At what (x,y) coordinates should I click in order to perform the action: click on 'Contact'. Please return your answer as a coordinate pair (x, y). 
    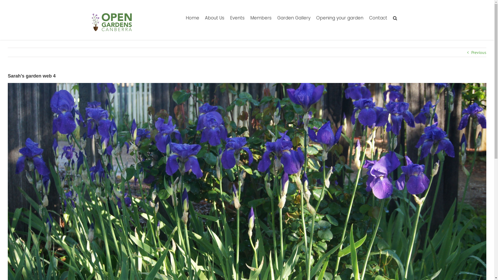
    Looking at the image, I should click on (378, 17).